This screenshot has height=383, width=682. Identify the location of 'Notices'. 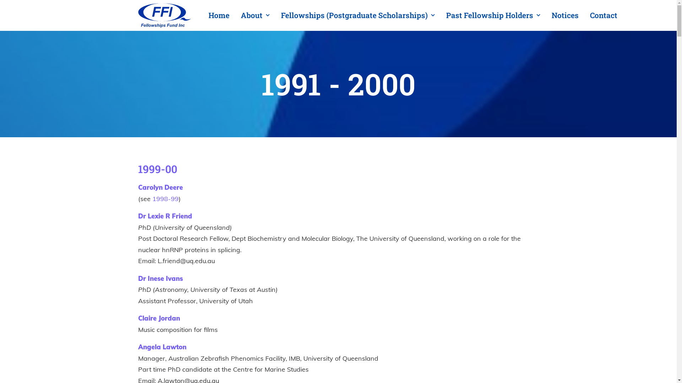
(564, 15).